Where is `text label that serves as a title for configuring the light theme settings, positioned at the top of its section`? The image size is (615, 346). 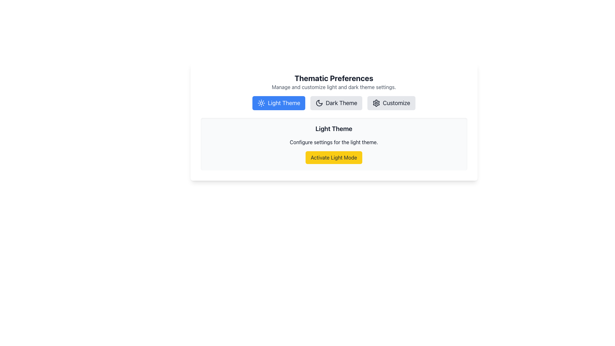 text label that serves as a title for configuring the light theme settings, positioned at the top of its section is located at coordinates (333, 128).